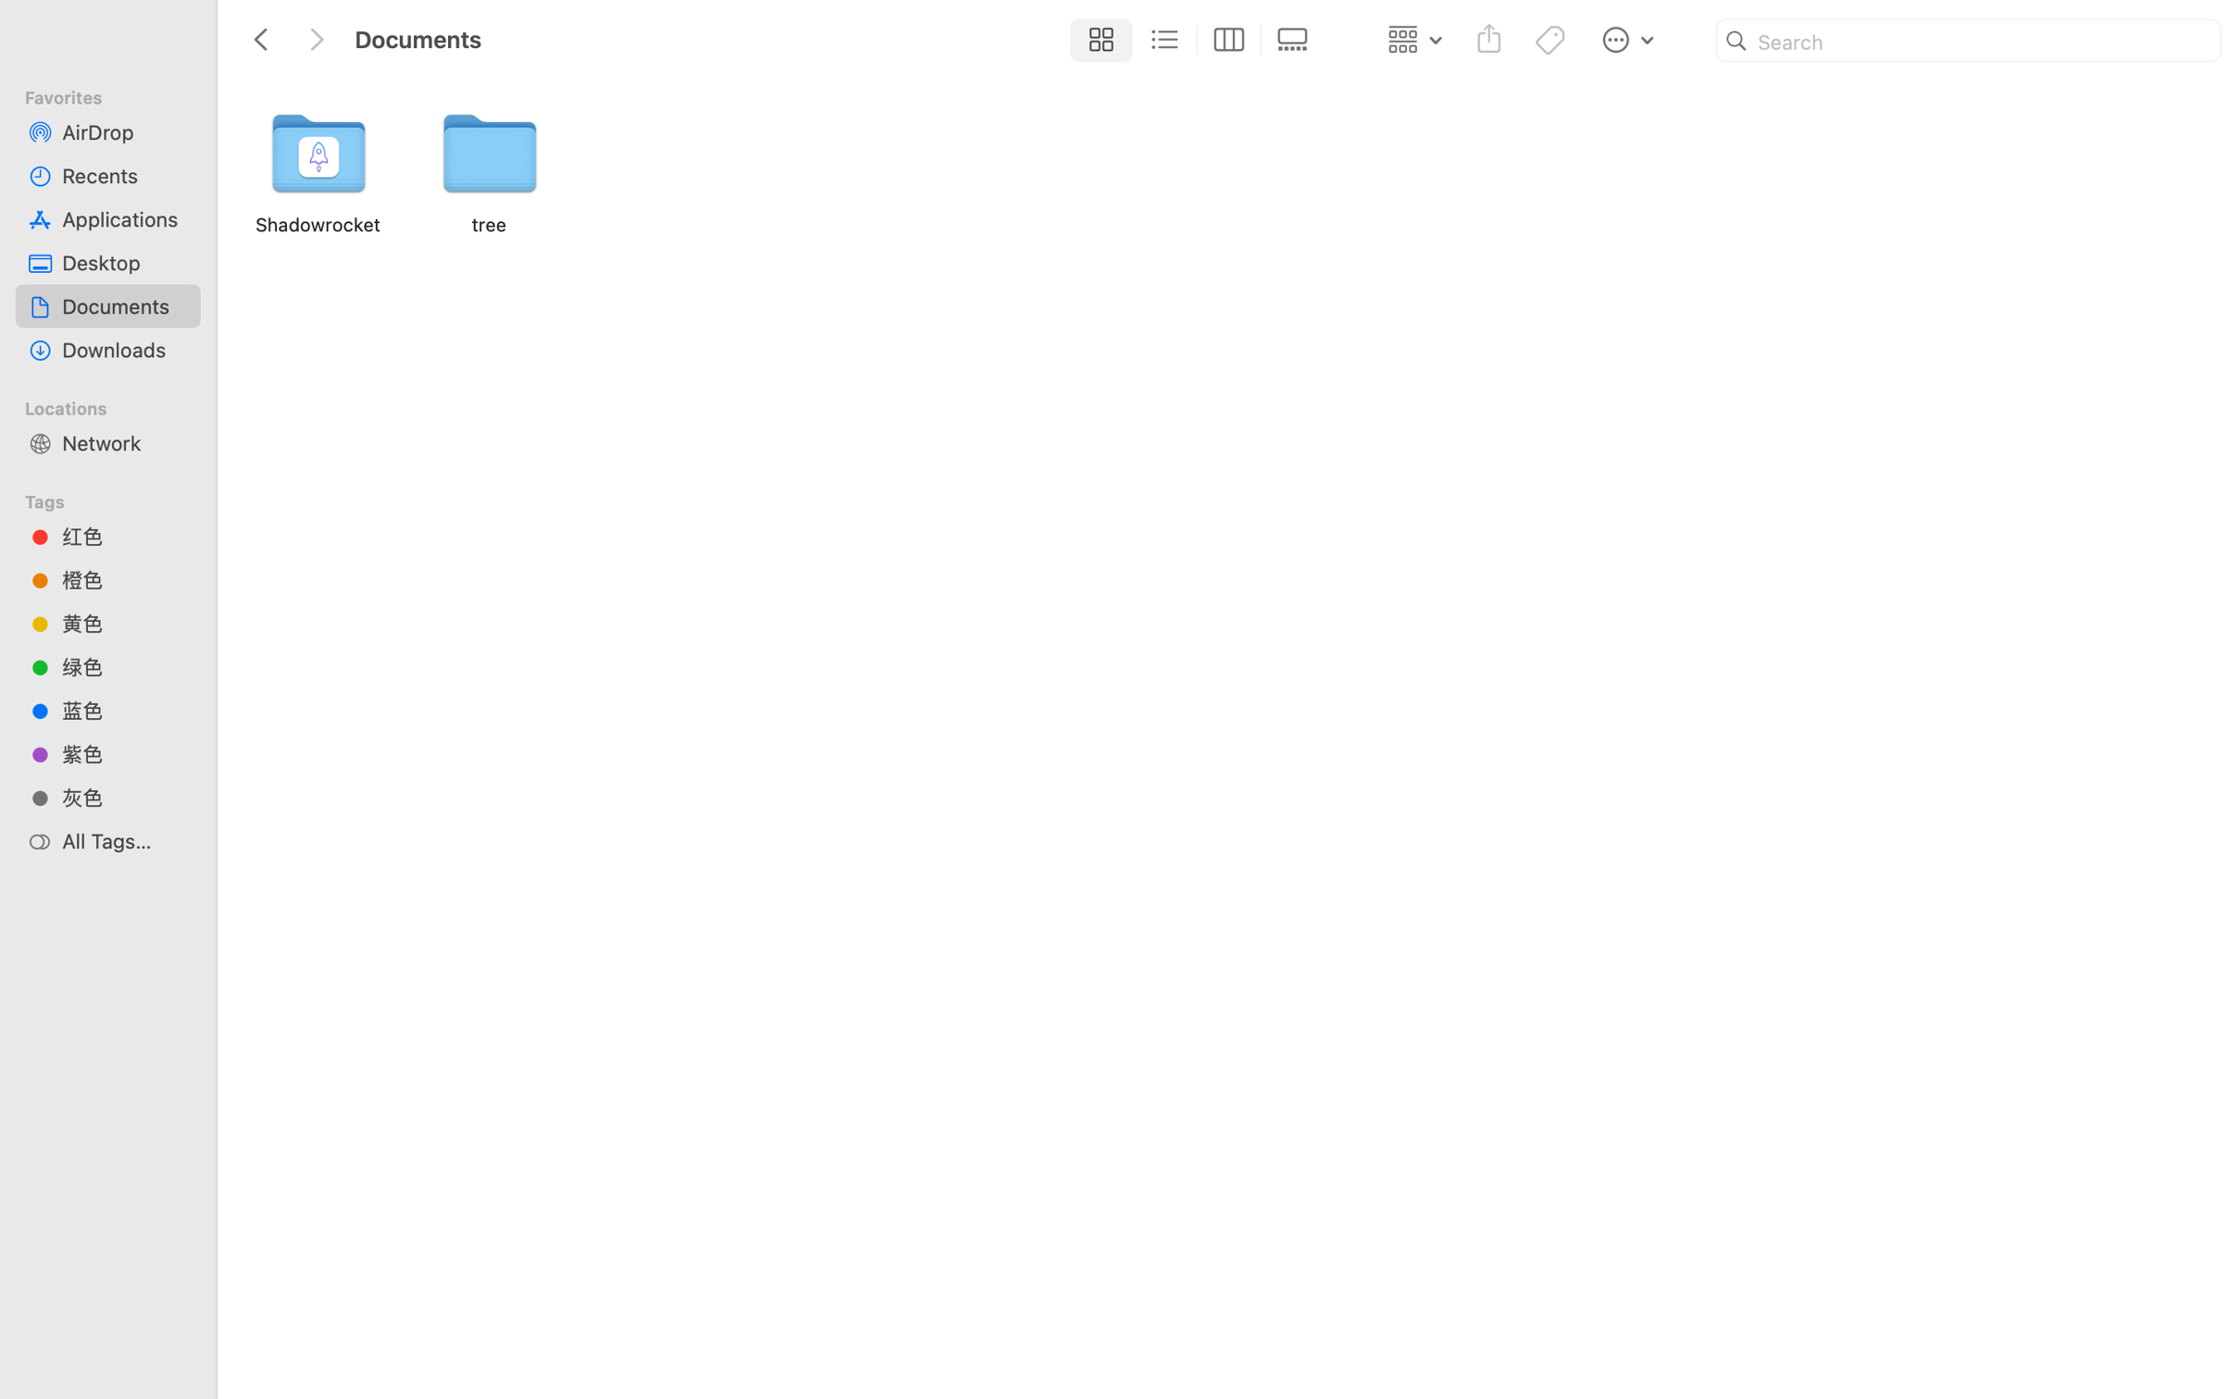 The image size is (2240, 1399). I want to click on '紫色', so click(124, 753).